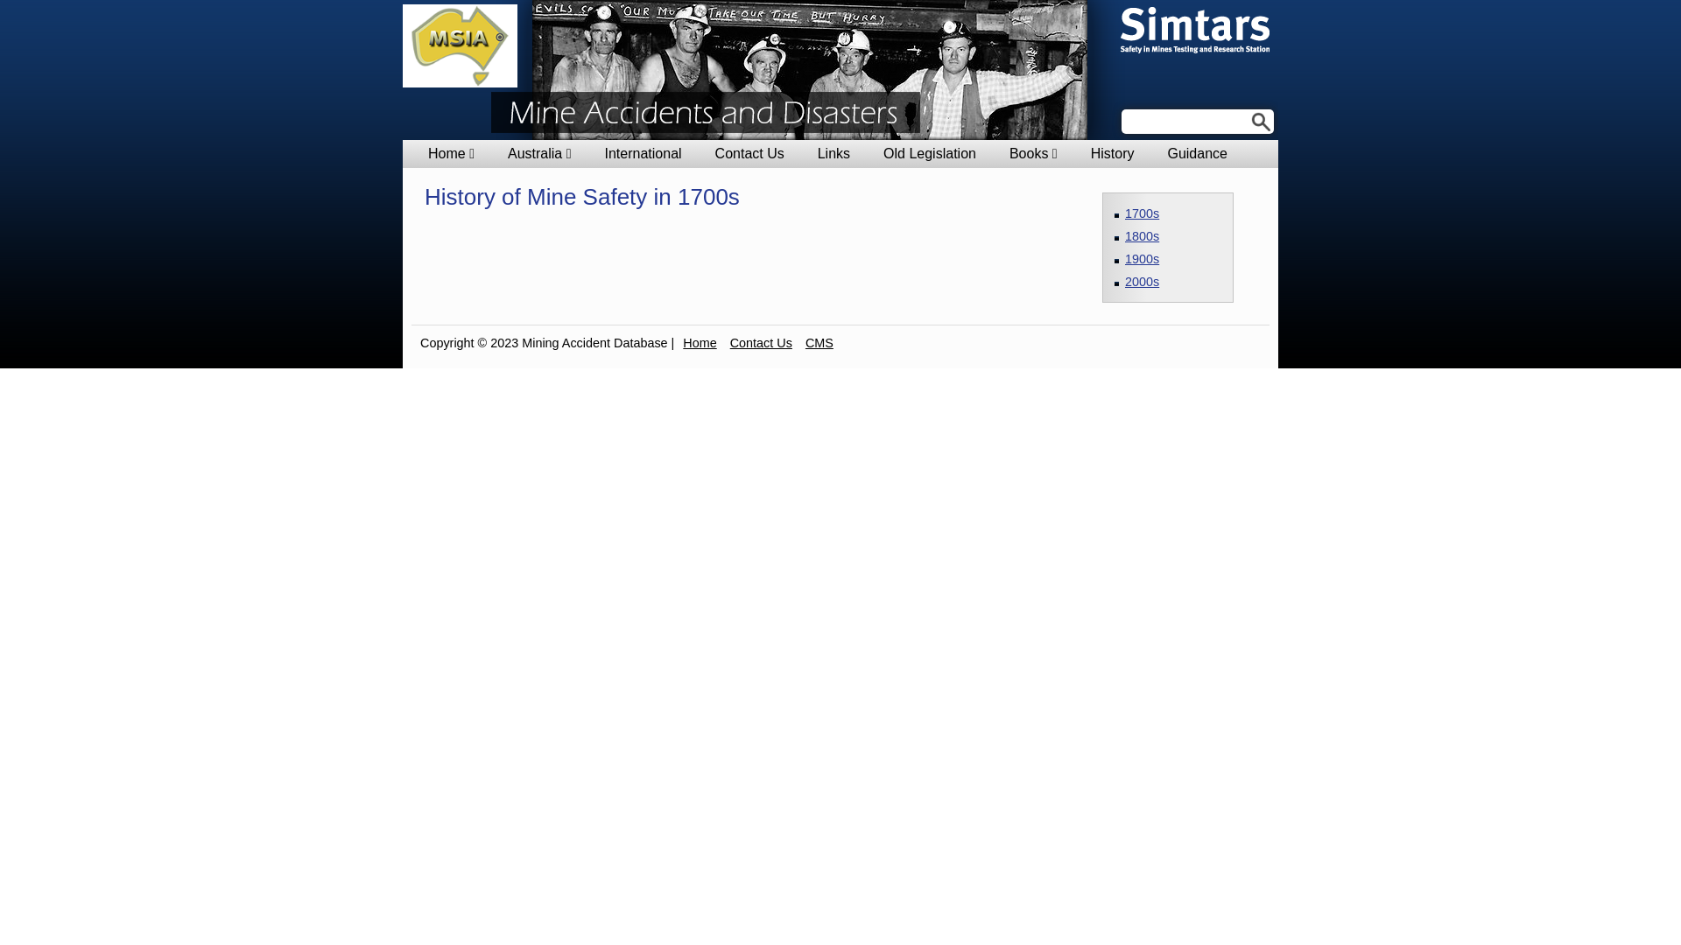  I want to click on '1800s', so click(1142, 236).